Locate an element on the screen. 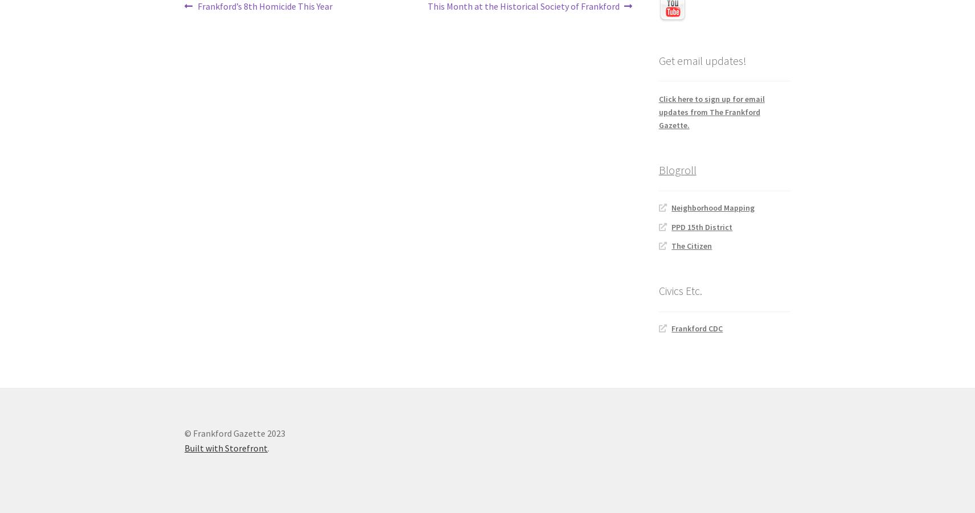 This screenshot has height=513, width=975. 'Civics Etc.' is located at coordinates (679, 290).